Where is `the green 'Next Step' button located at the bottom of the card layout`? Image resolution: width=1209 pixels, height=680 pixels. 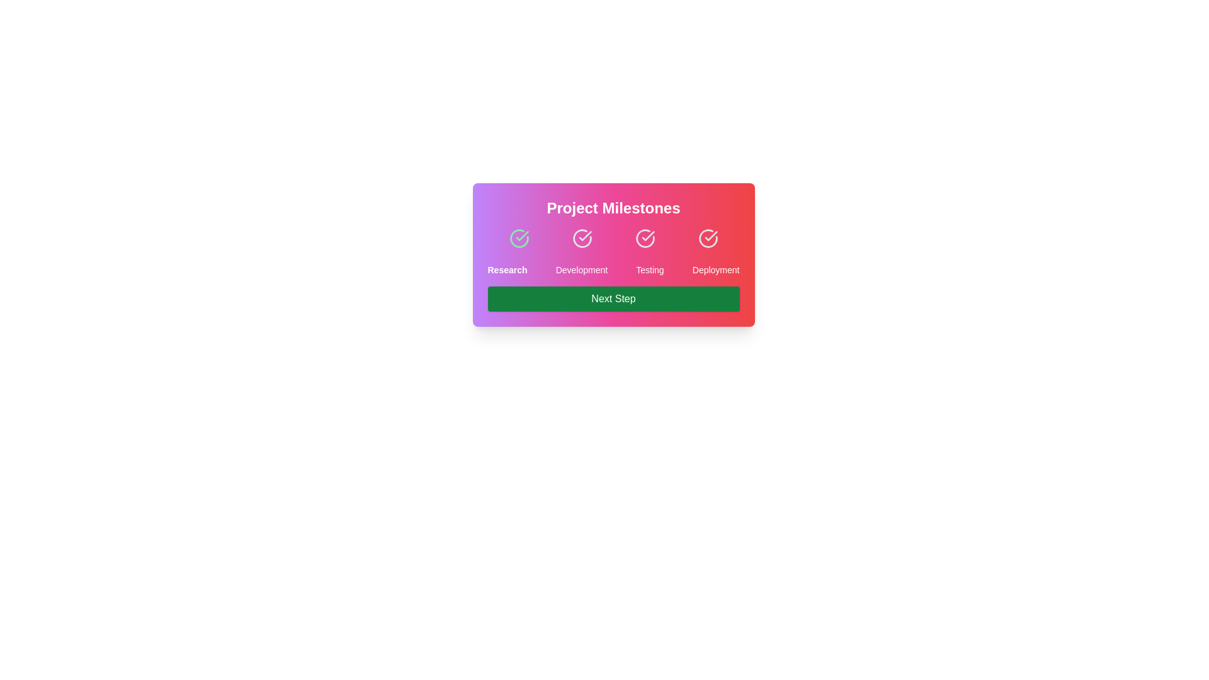 the green 'Next Step' button located at the bottom of the card layout is located at coordinates (613, 298).